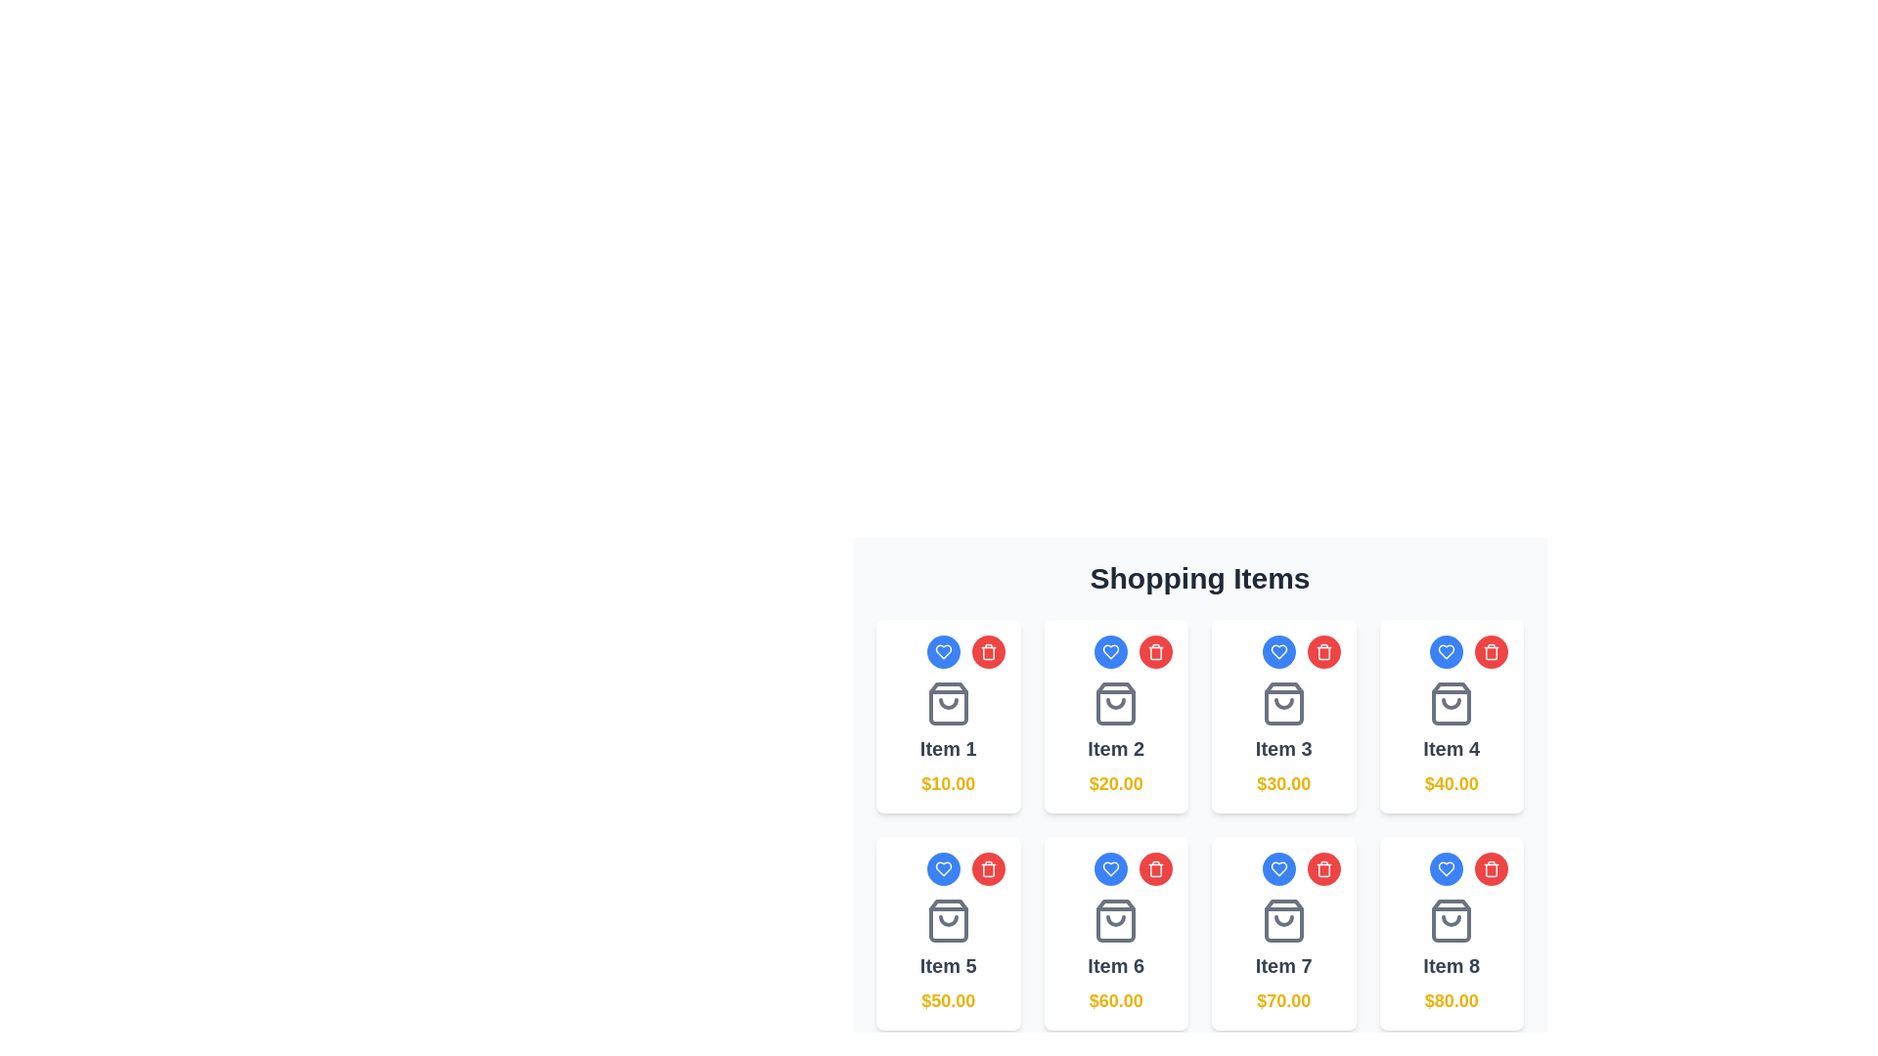 Image resolution: width=1878 pixels, height=1056 pixels. Describe the element at coordinates (1491, 652) in the screenshot. I see `the trash bin icon button located in the top-right corner of the card for 'Item 4'` at that location.